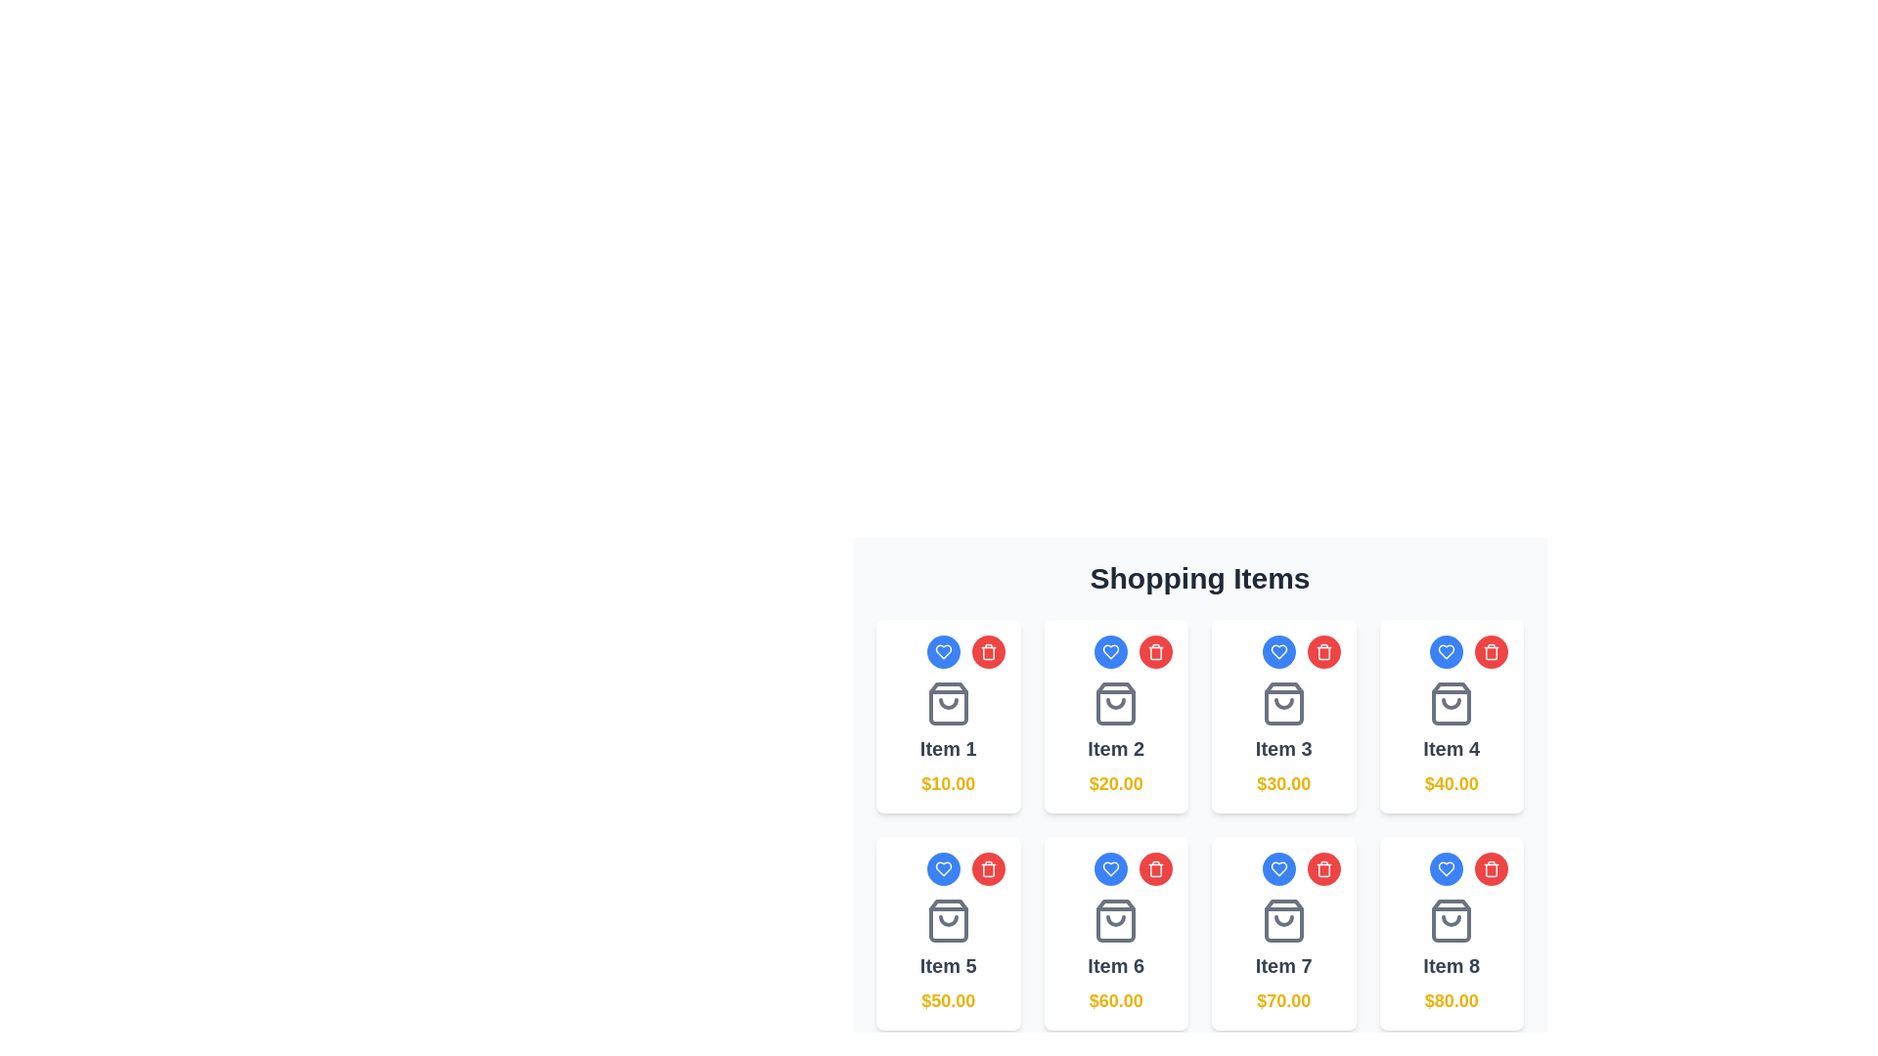 Image resolution: width=1878 pixels, height=1056 pixels. Describe the element at coordinates (1491, 652) in the screenshot. I see `the trash bin icon button located in the top-right corner of the card for 'Item 4'` at that location.